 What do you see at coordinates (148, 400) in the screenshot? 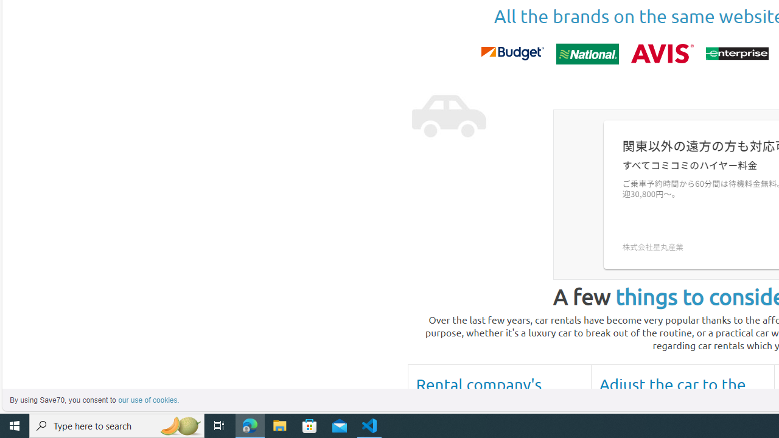
I see `'learn more about cookies'` at bounding box center [148, 400].